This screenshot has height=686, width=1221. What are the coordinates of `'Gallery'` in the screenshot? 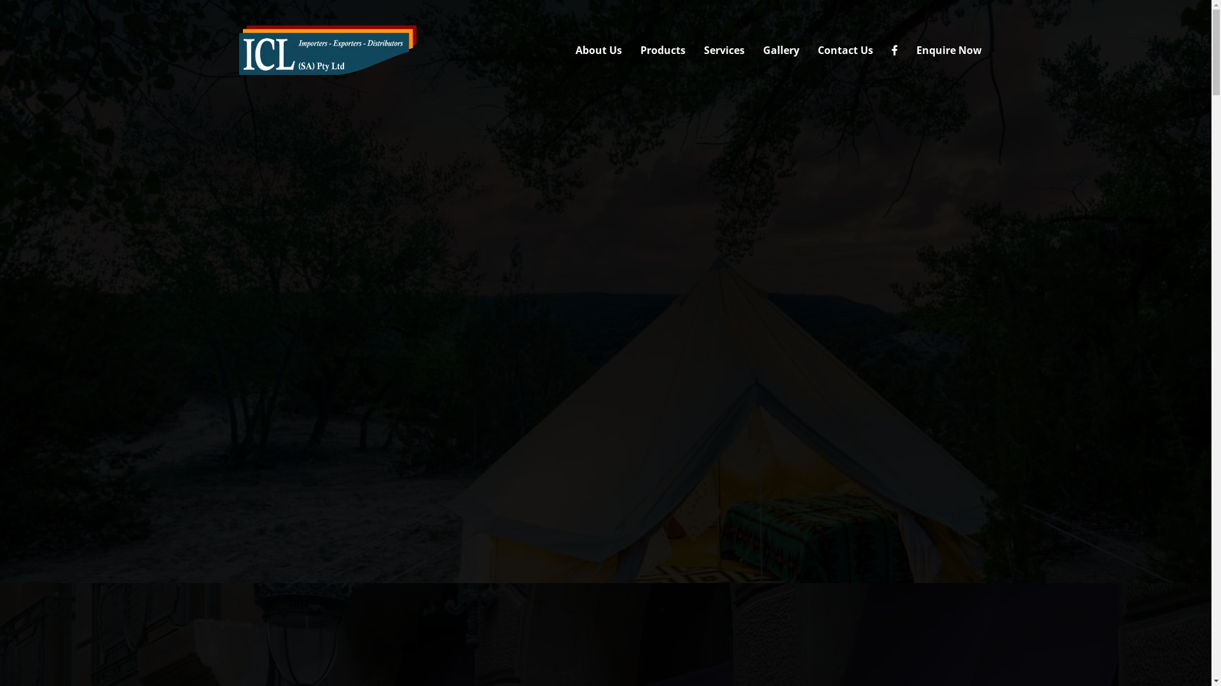 It's located at (780, 49).